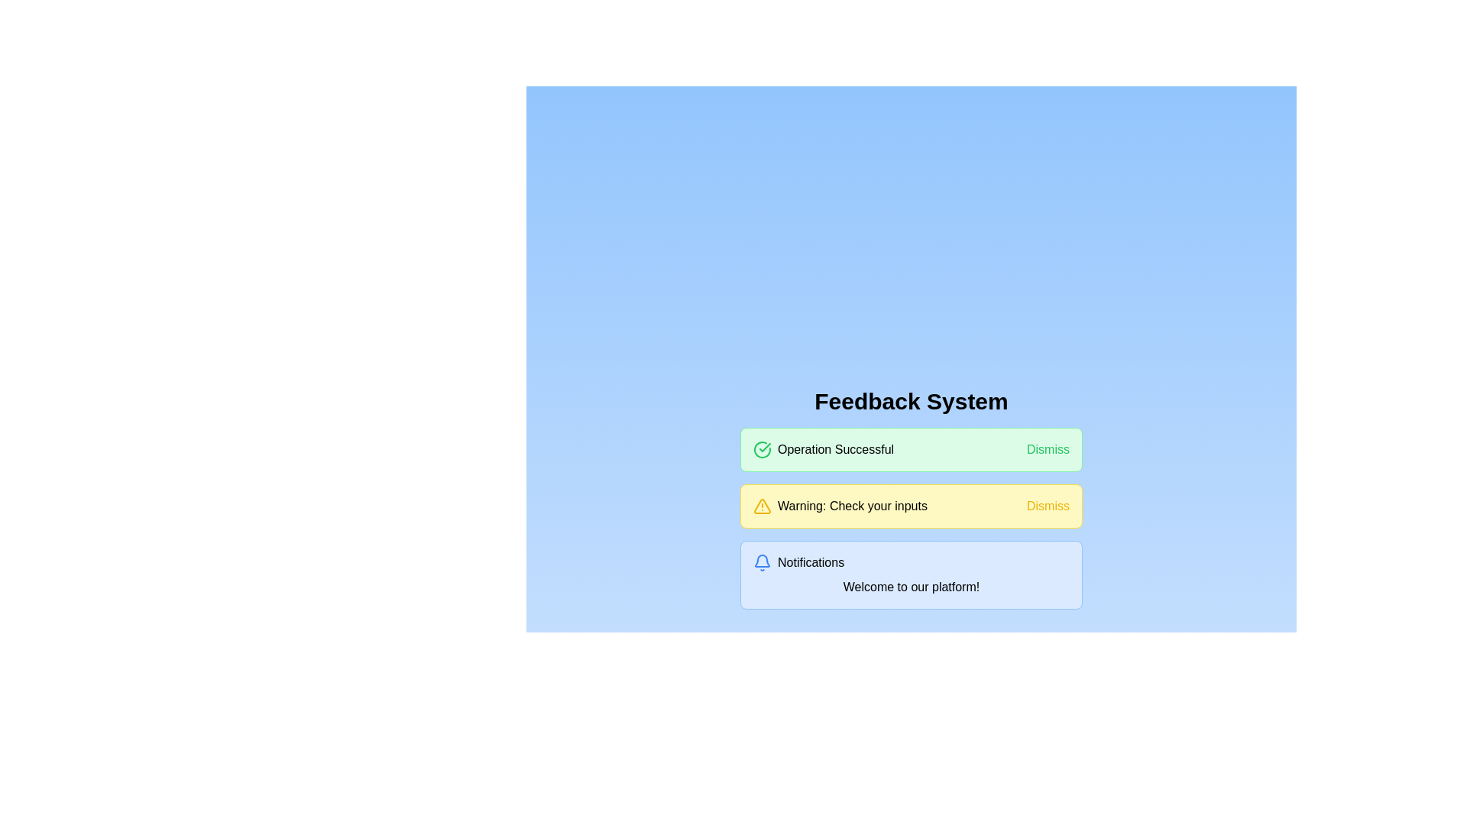  What do you see at coordinates (763, 561) in the screenshot?
I see `the notification bell icon with a blue stroke color located to the left of the textual notification label inside the notification box` at bounding box center [763, 561].